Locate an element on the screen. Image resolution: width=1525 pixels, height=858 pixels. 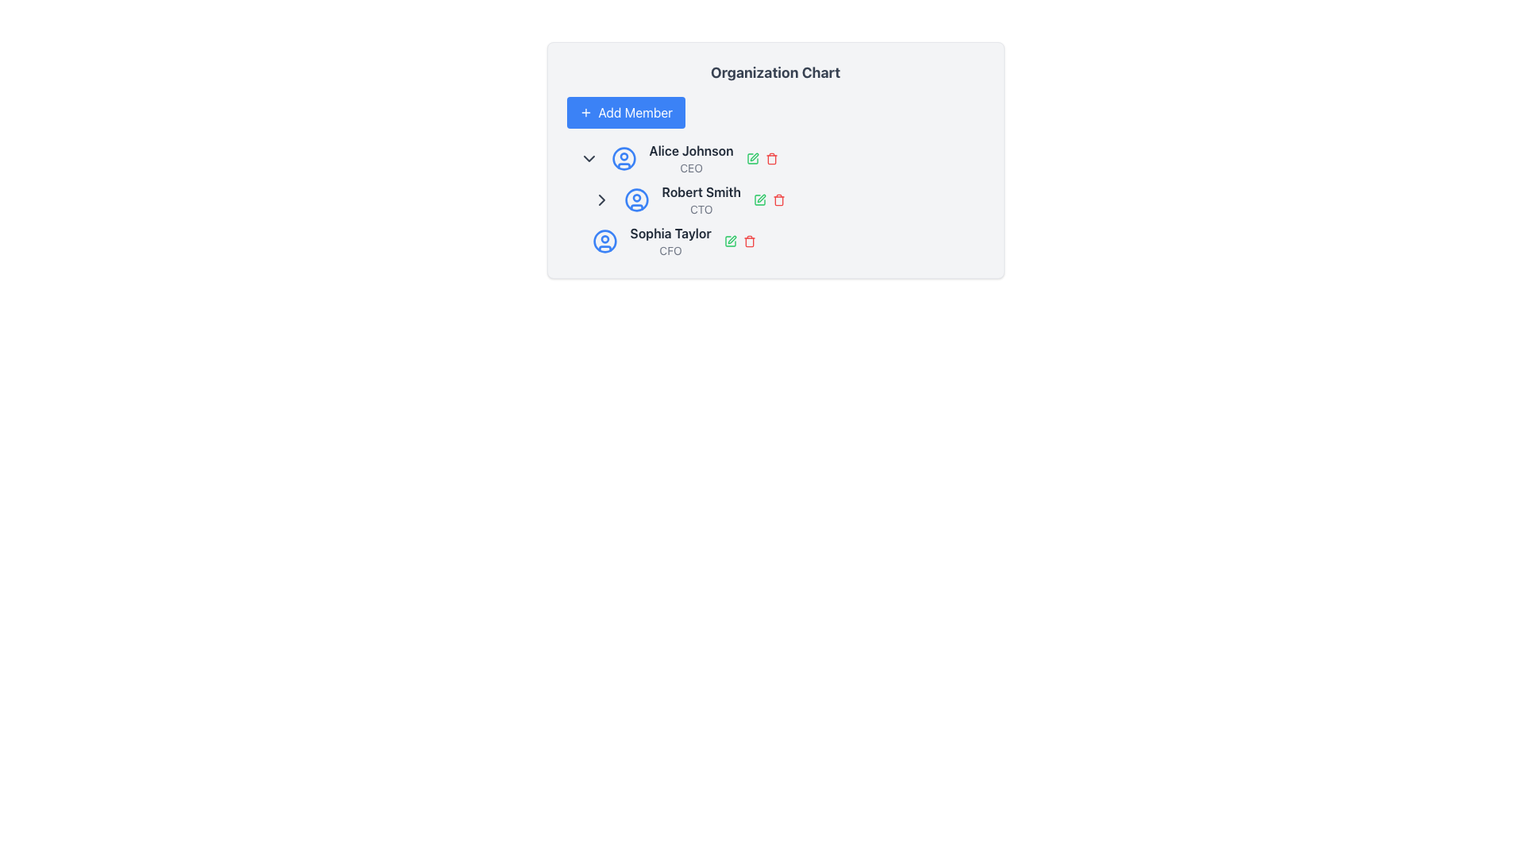
the text label 'CTO' which is styled in a small-sized gray font and located below 'Robert Smith' in the organizational chart is located at coordinates (701, 208).